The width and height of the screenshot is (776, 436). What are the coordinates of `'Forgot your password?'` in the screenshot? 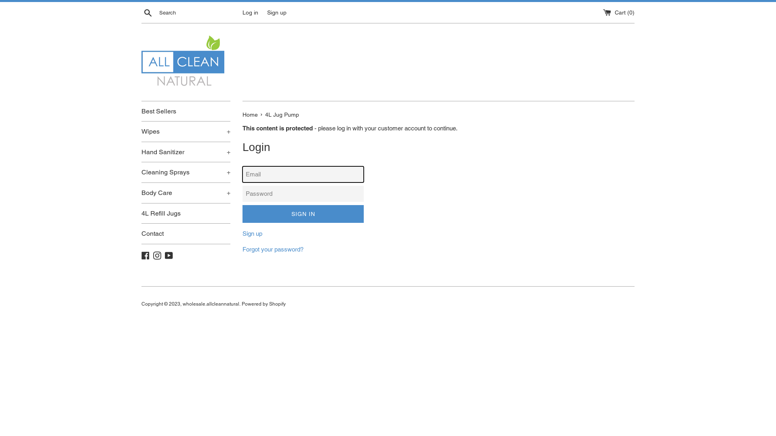 It's located at (273, 249).